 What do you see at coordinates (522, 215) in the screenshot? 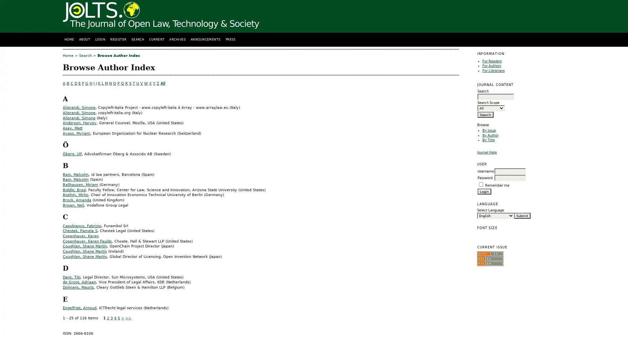
I see `Submit` at bounding box center [522, 215].